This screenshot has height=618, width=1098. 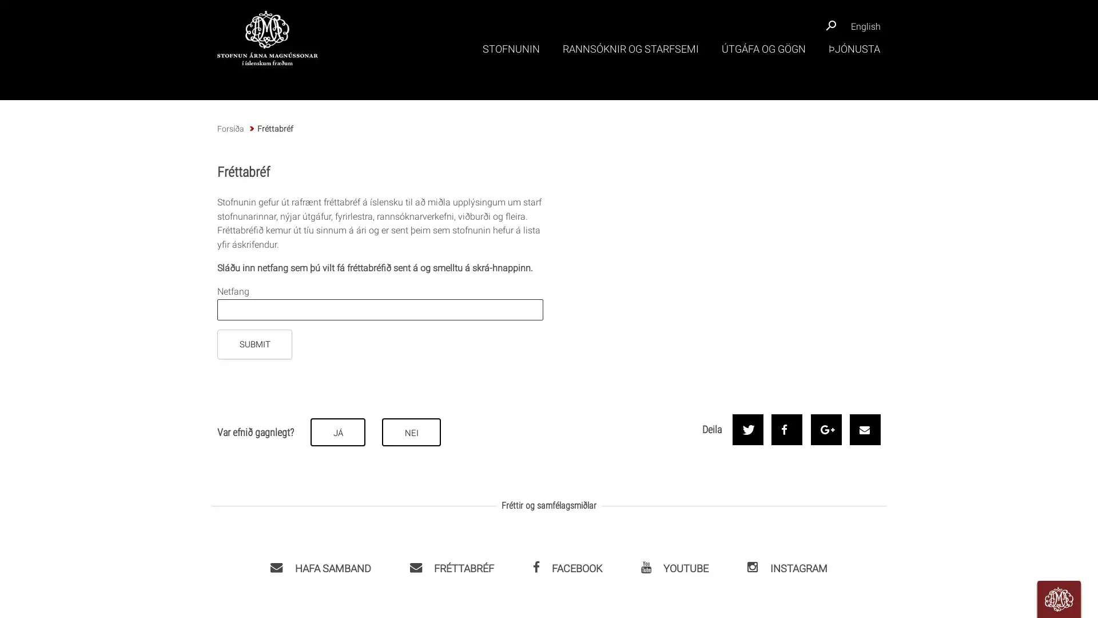 I want to click on JA, so click(x=337, y=432).